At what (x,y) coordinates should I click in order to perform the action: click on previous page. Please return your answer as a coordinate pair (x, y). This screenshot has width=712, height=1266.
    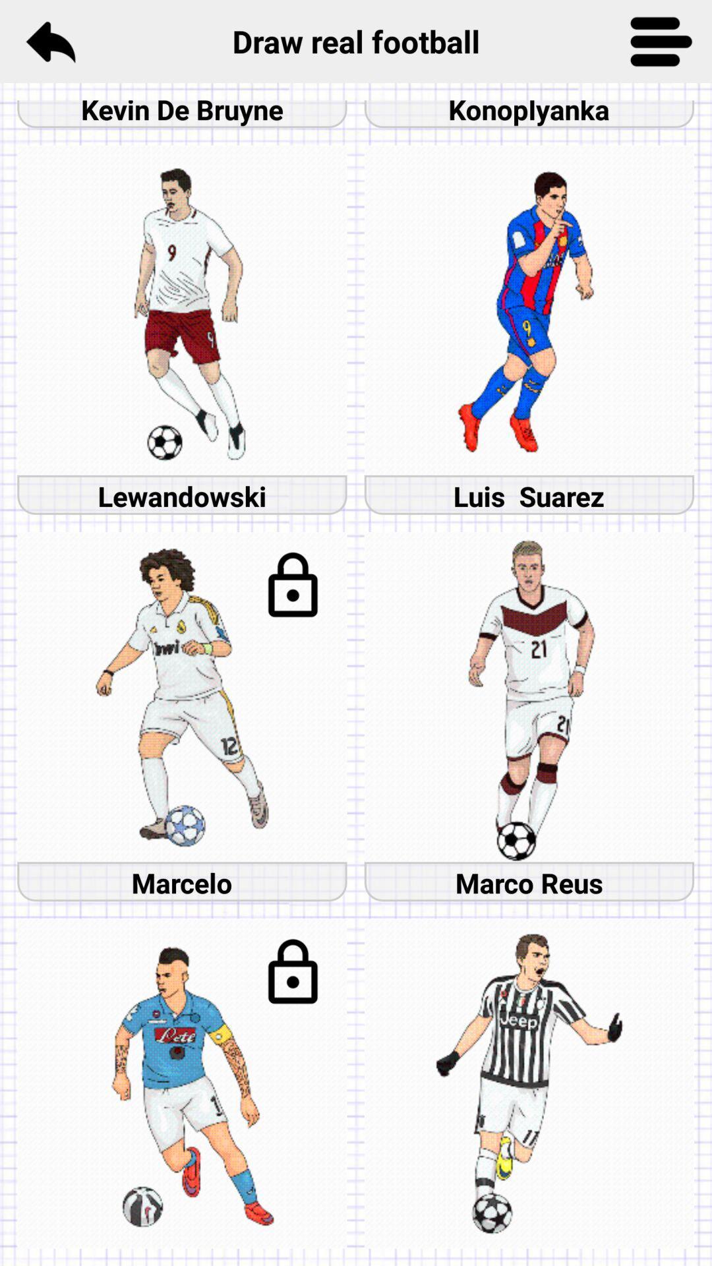
    Looking at the image, I should click on (49, 41).